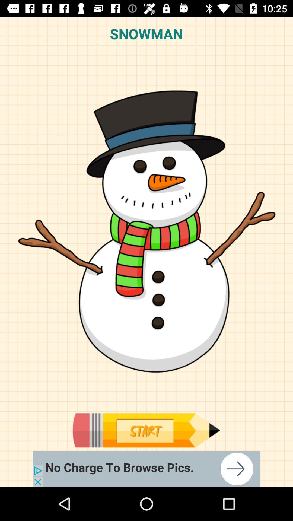  I want to click on banner, so click(146, 469).